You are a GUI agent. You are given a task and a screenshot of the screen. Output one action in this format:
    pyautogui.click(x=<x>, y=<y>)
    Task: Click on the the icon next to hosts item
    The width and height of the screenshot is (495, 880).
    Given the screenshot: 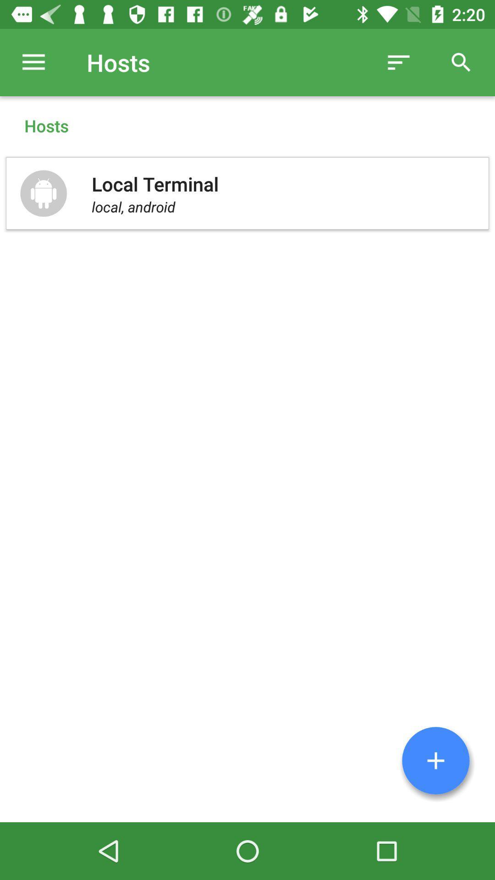 What is the action you would take?
    pyautogui.click(x=33, y=62)
    